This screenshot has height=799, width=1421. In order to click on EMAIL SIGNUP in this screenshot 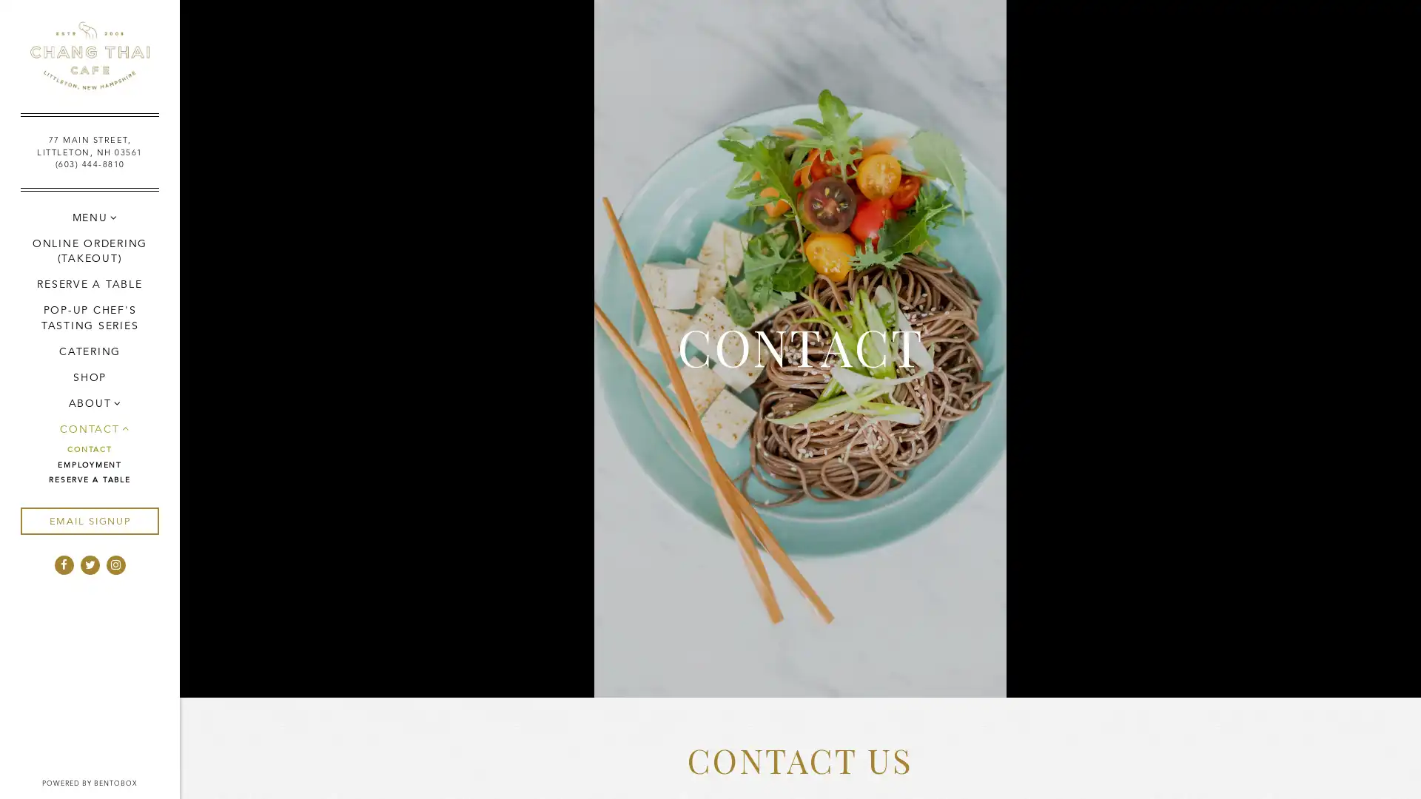, I will do `click(88, 520)`.